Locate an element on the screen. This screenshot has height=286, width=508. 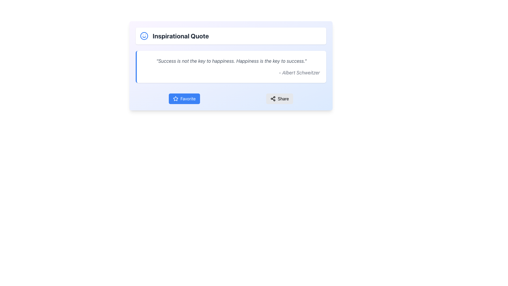
the 'Share' button which has rounded corners, a light gray background, and a black outlined share icon is located at coordinates (279, 99).